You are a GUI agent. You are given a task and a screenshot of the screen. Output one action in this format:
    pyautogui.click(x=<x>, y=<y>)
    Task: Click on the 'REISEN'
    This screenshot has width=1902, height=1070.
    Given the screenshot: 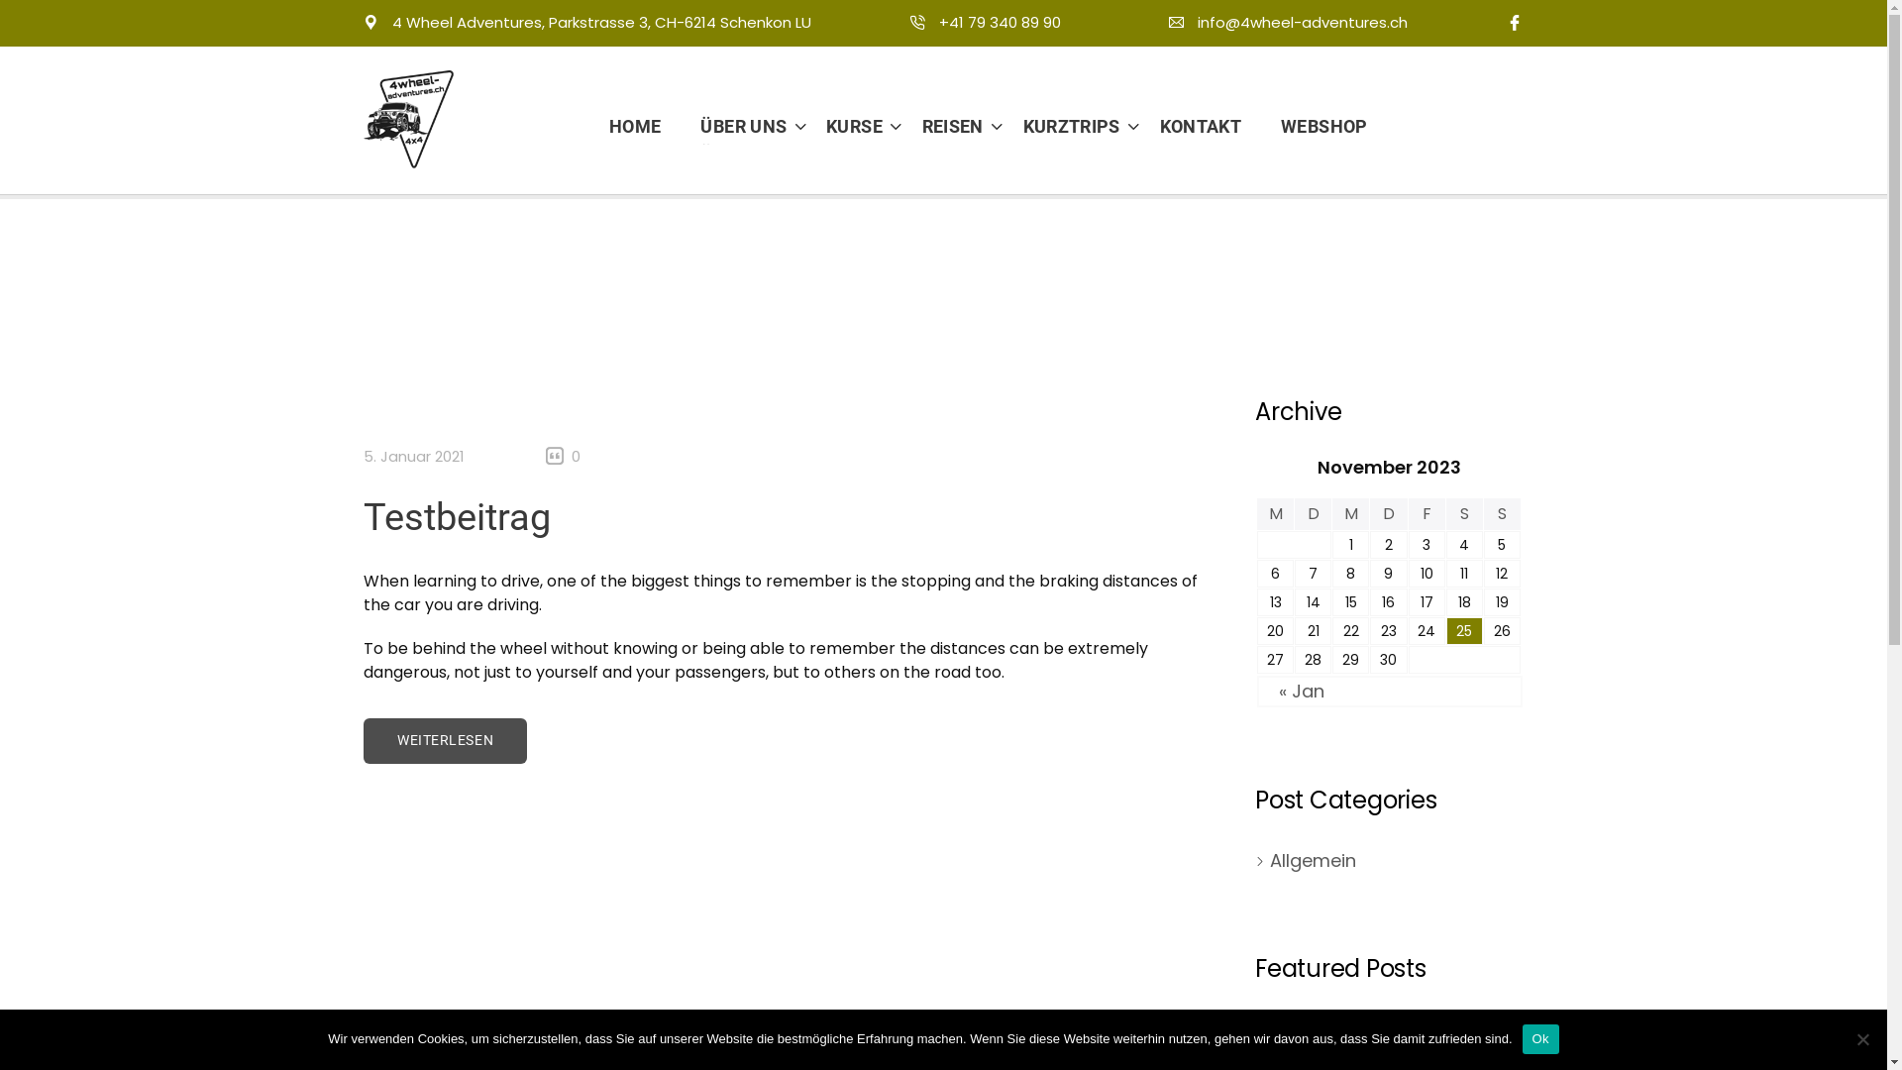 What is the action you would take?
    pyautogui.click(x=944, y=126)
    